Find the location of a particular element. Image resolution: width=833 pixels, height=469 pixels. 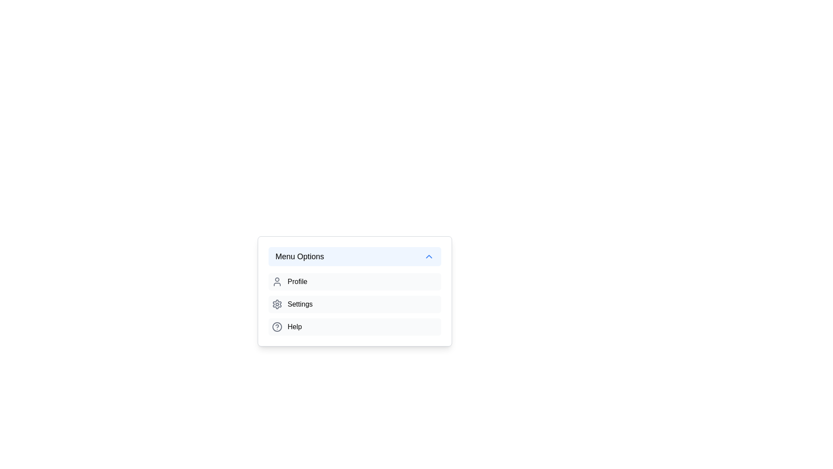

the 'Settings' button, which is the second option in a vertical list within a dropdown menu is located at coordinates (354, 313).